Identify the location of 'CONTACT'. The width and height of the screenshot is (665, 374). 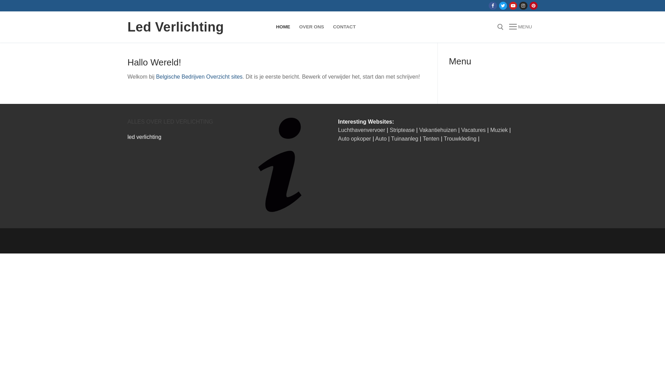
(328, 26).